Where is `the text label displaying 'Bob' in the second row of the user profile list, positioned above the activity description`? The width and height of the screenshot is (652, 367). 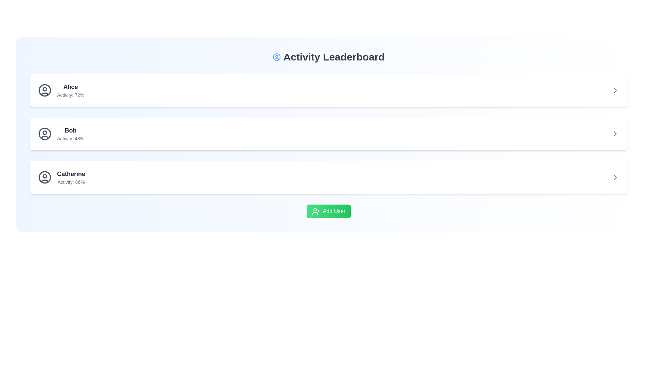
the text label displaying 'Bob' in the second row of the user profile list, positioned above the activity description is located at coordinates (71, 130).